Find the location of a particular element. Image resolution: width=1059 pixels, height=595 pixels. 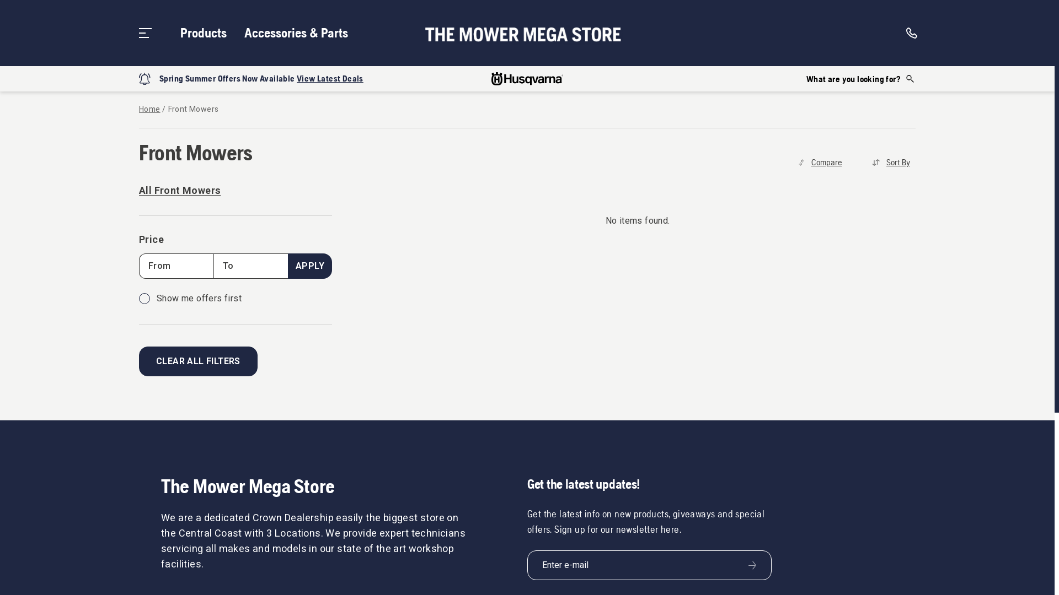

'APPLY' is located at coordinates (309, 266).